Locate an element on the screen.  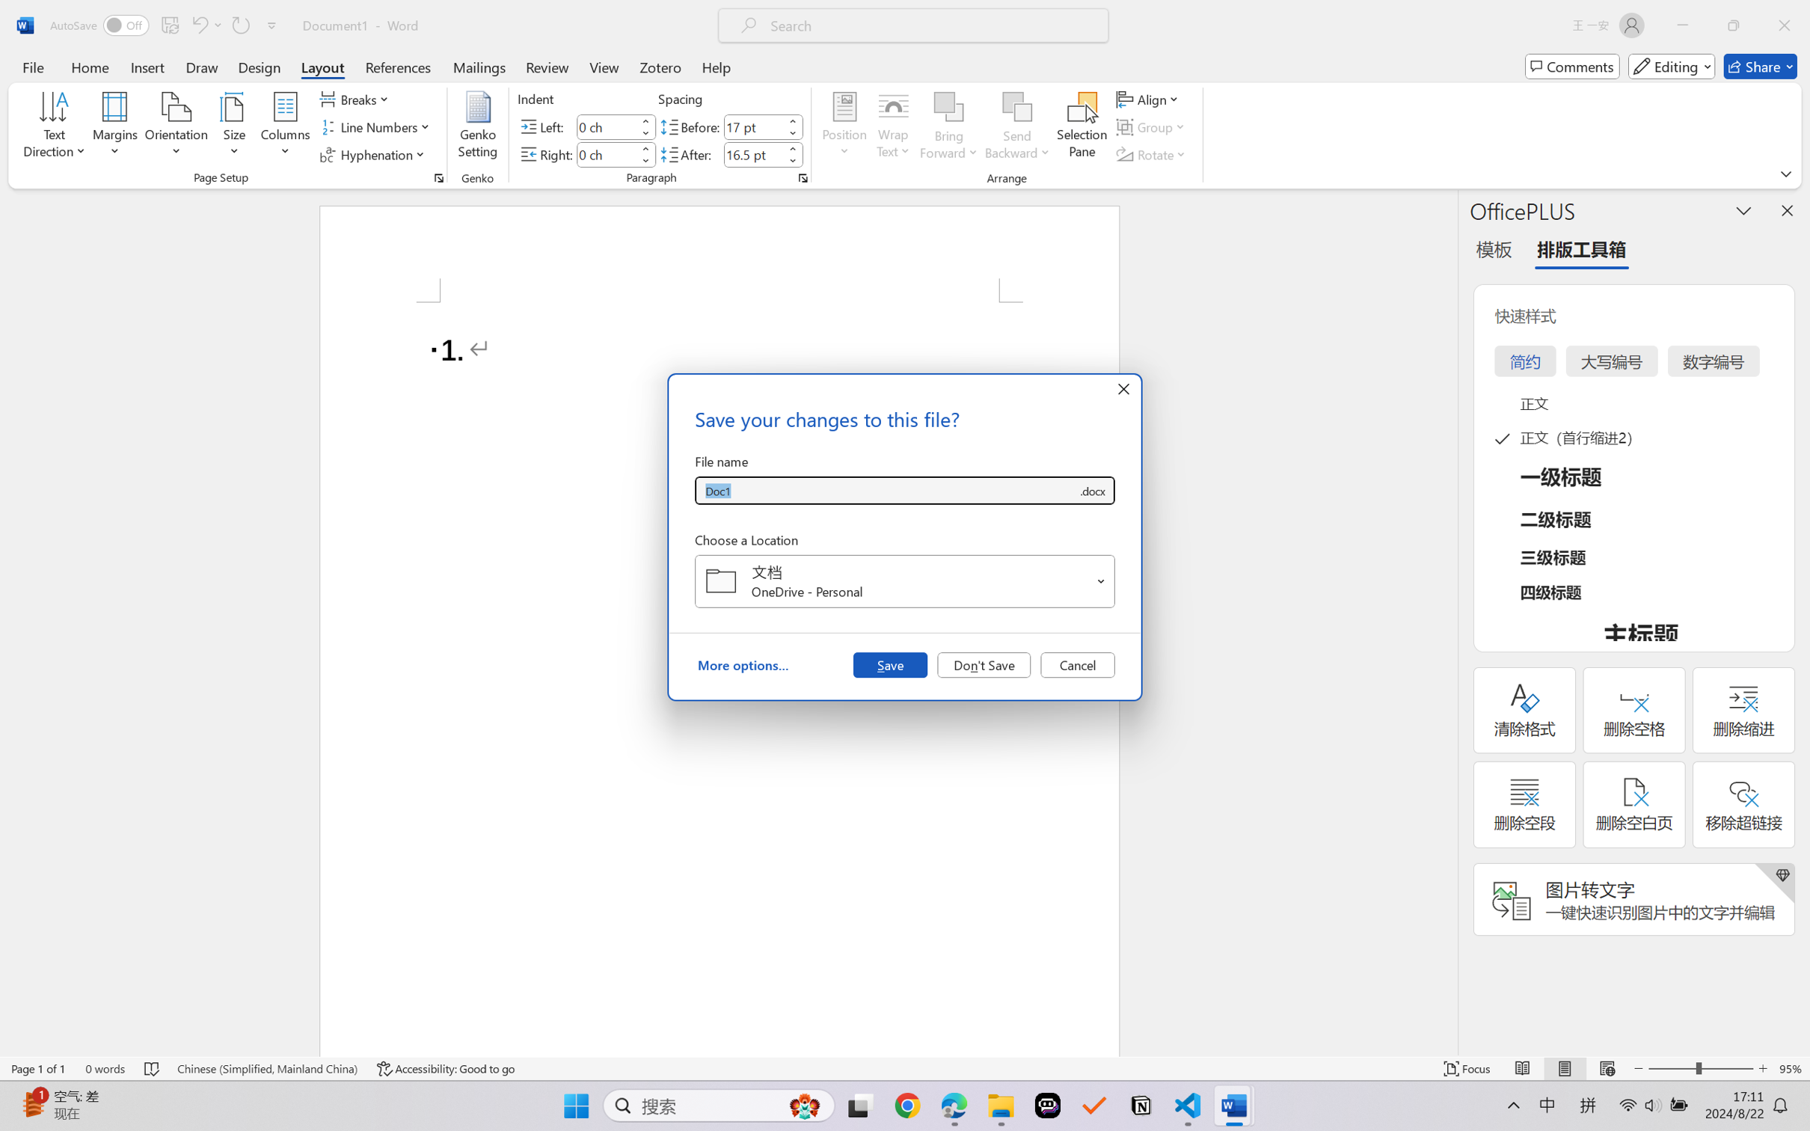
'Send Backward' is located at coordinates (1017, 107).